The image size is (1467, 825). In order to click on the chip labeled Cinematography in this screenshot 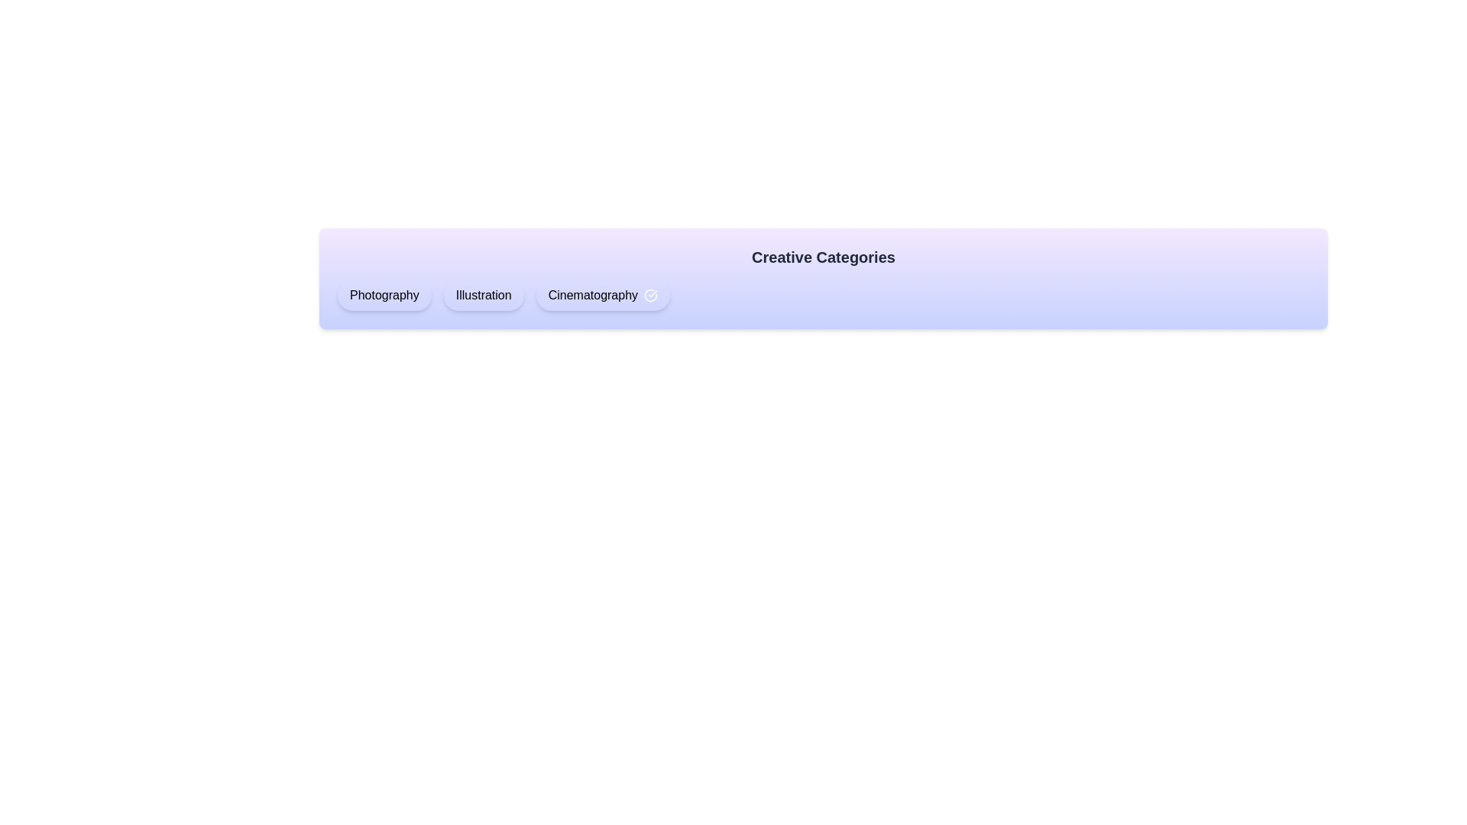, I will do `click(601, 295)`.